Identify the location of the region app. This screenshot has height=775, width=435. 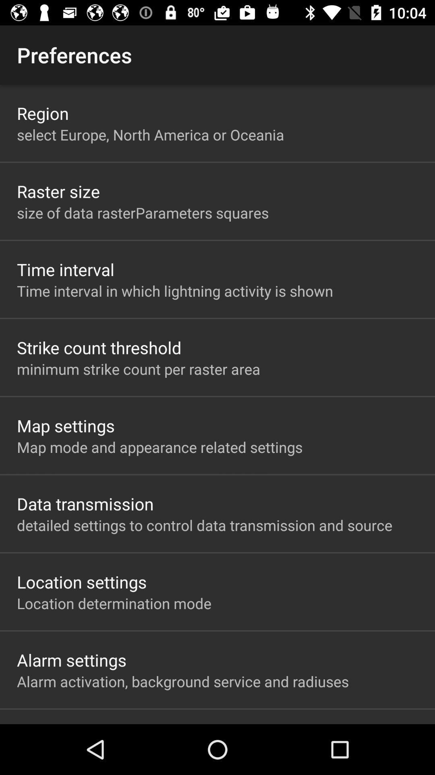
(43, 113).